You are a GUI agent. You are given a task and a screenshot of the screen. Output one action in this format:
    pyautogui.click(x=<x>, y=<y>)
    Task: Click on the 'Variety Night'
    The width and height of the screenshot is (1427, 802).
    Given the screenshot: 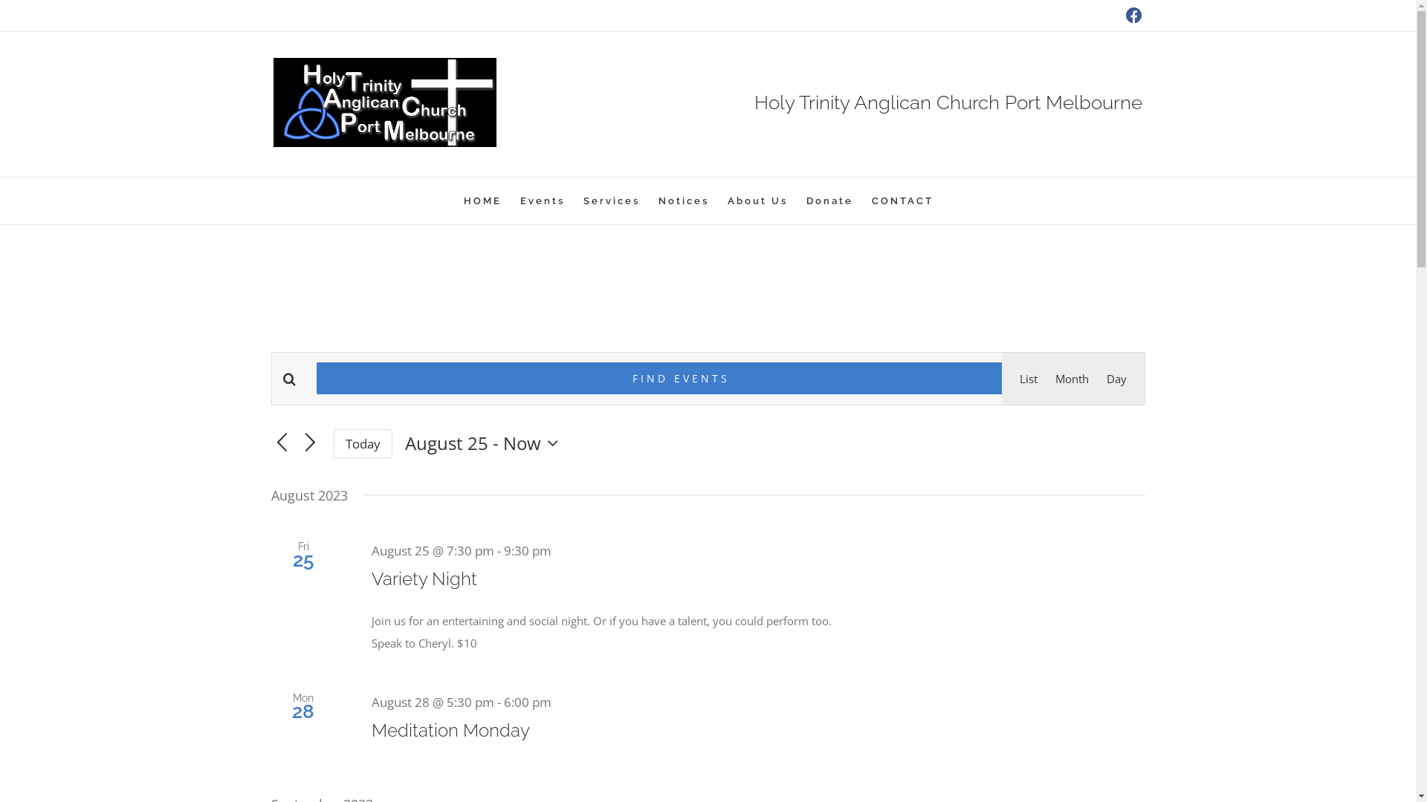 What is the action you would take?
    pyautogui.click(x=424, y=578)
    